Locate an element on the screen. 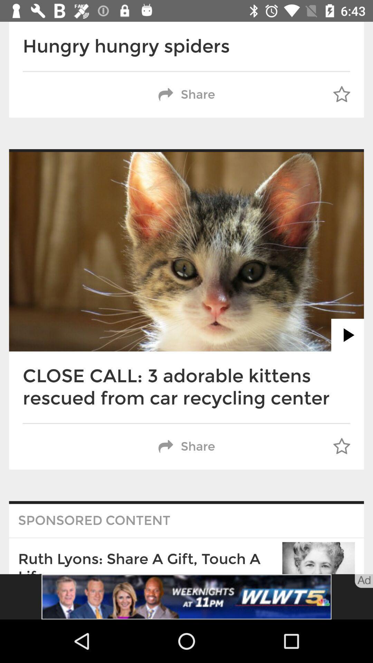 The width and height of the screenshot is (373, 663). the button right to the share button is located at coordinates (342, 94).